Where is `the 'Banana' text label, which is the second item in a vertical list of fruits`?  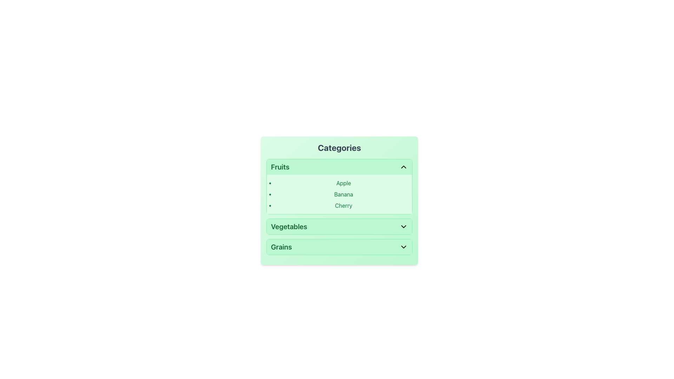
the 'Banana' text label, which is the second item in a vertical list of fruits is located at coordinates (344, 194).